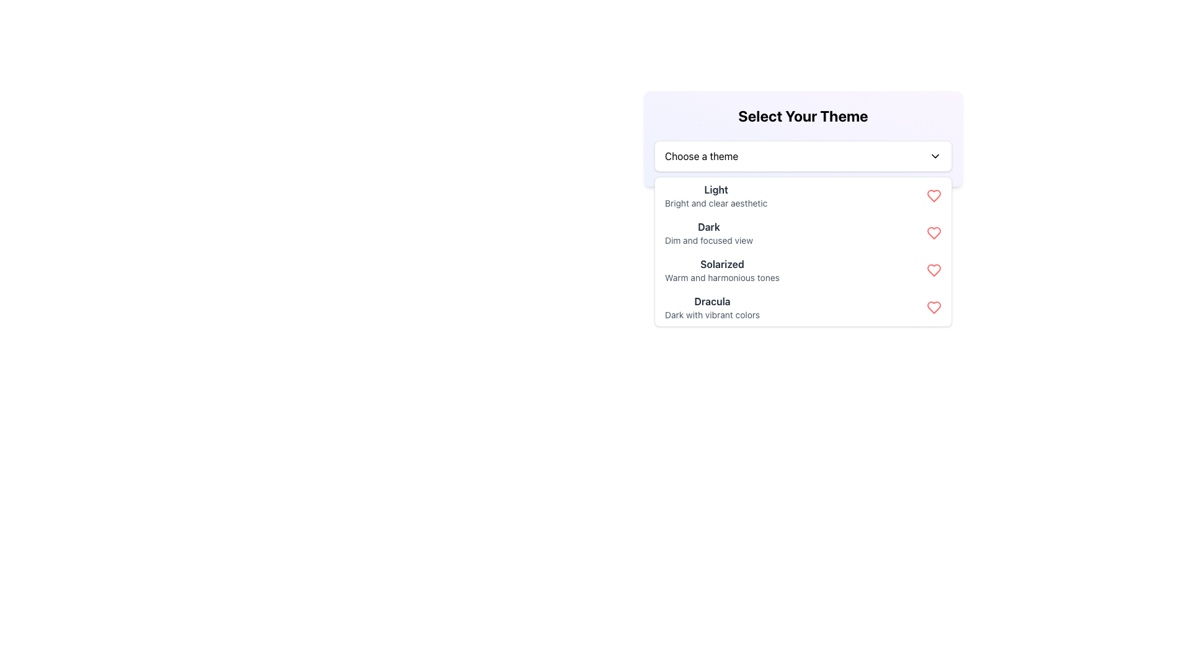 The height and width of the screenshot is (670, 1191). I want to click on the third option in the dropdown menu labeled 'Select Your Theme', so click(803, 251).